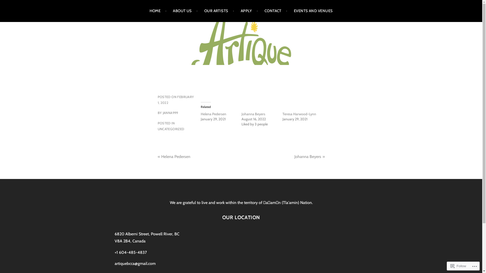 The height and width of the screenshot is (273, 486). What do you see at coordinates (176, 100) in the screenshot?
I see `'FEBRUARY 1, 2022'` at bounding box center [176, 100].